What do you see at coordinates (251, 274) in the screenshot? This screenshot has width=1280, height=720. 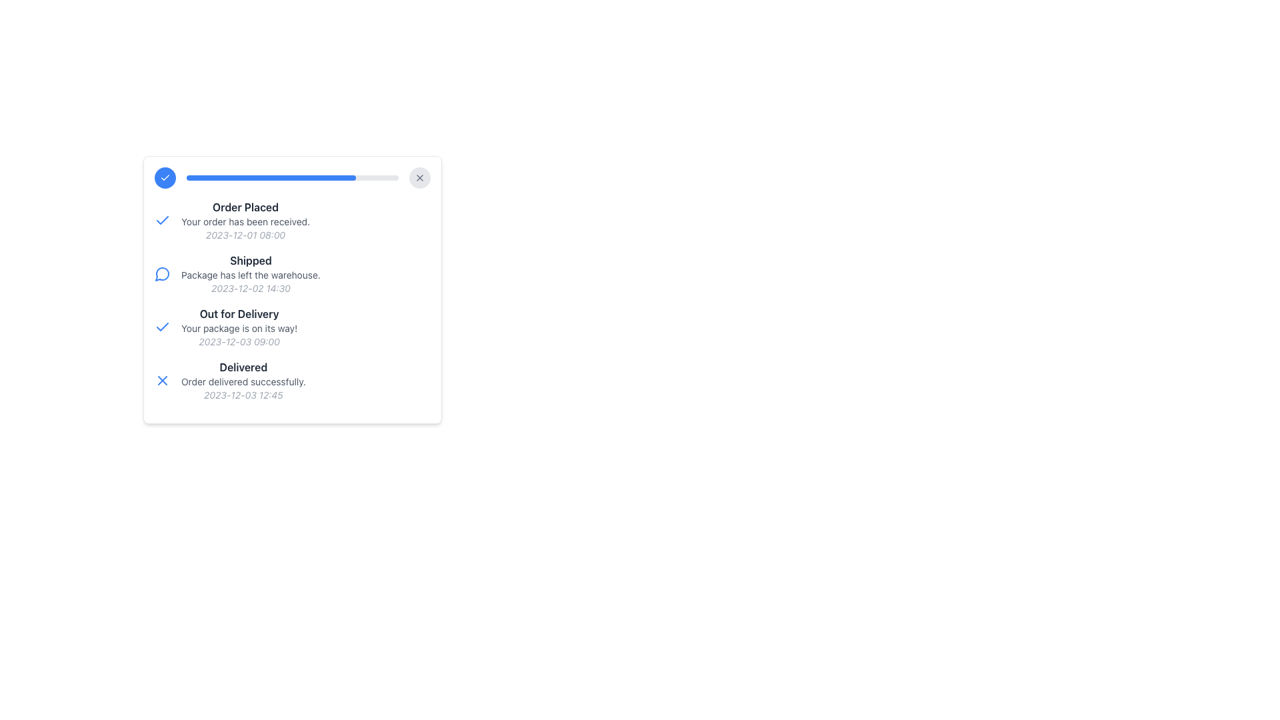 I see `the static text element that reads 'Package has left the warehouse.' located in the tracking card component, positioned between a bold 'Shipped' label and a timestamp` at bounding box center [251, 274].